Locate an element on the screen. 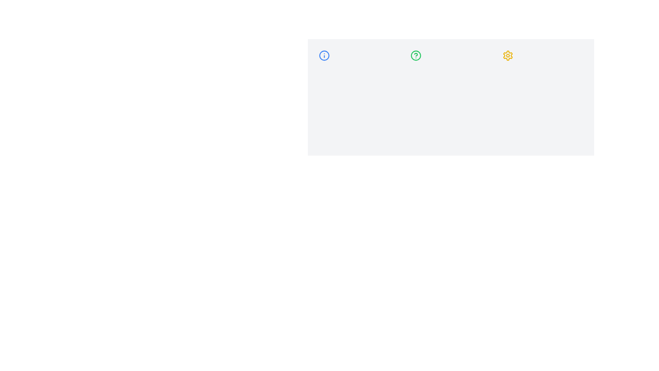  the help or information icon located in the middle of three icons is located at coordinates (416, 55).